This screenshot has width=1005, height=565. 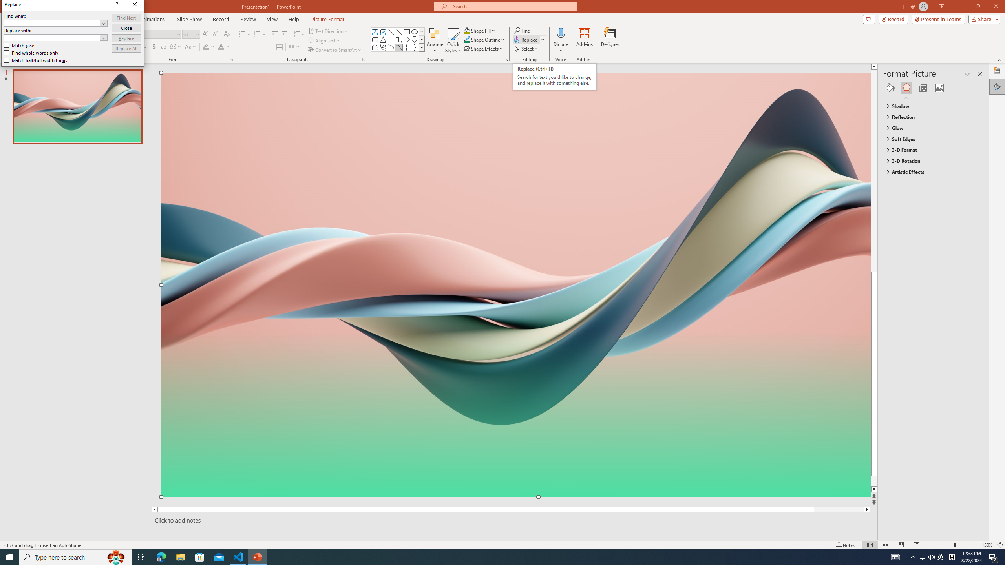 I want to click on 'Reading View', so click(x=901, y=545).